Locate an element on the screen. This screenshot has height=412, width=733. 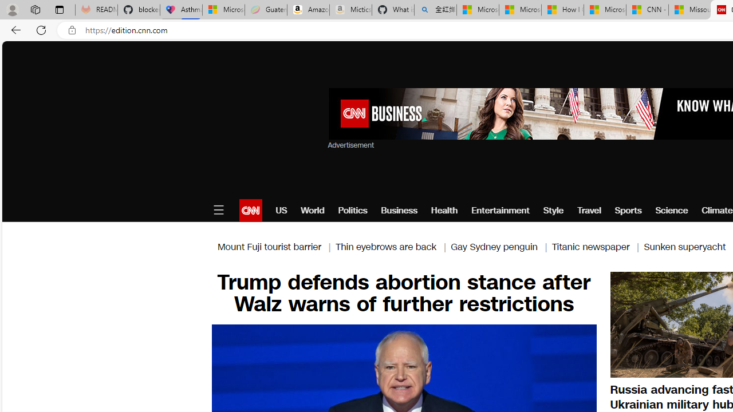
'Entertainment' is located at coordinates (501, 210).